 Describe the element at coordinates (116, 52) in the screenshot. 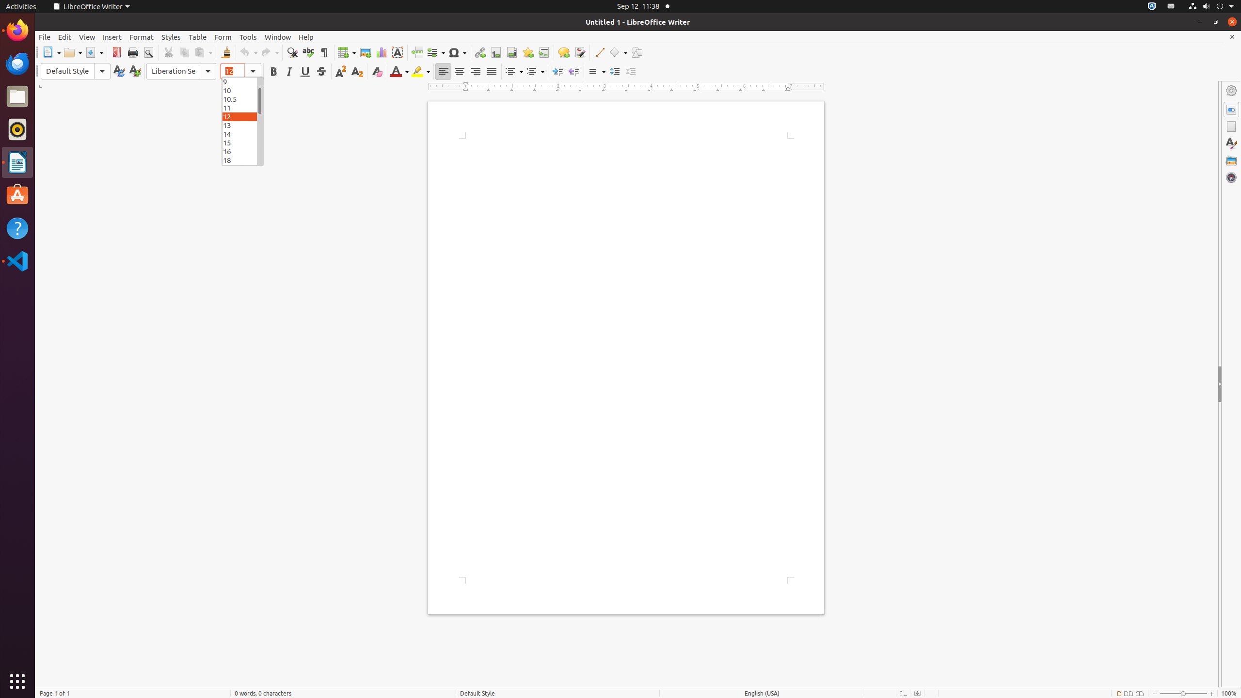

I see `'PDF'` at that location.